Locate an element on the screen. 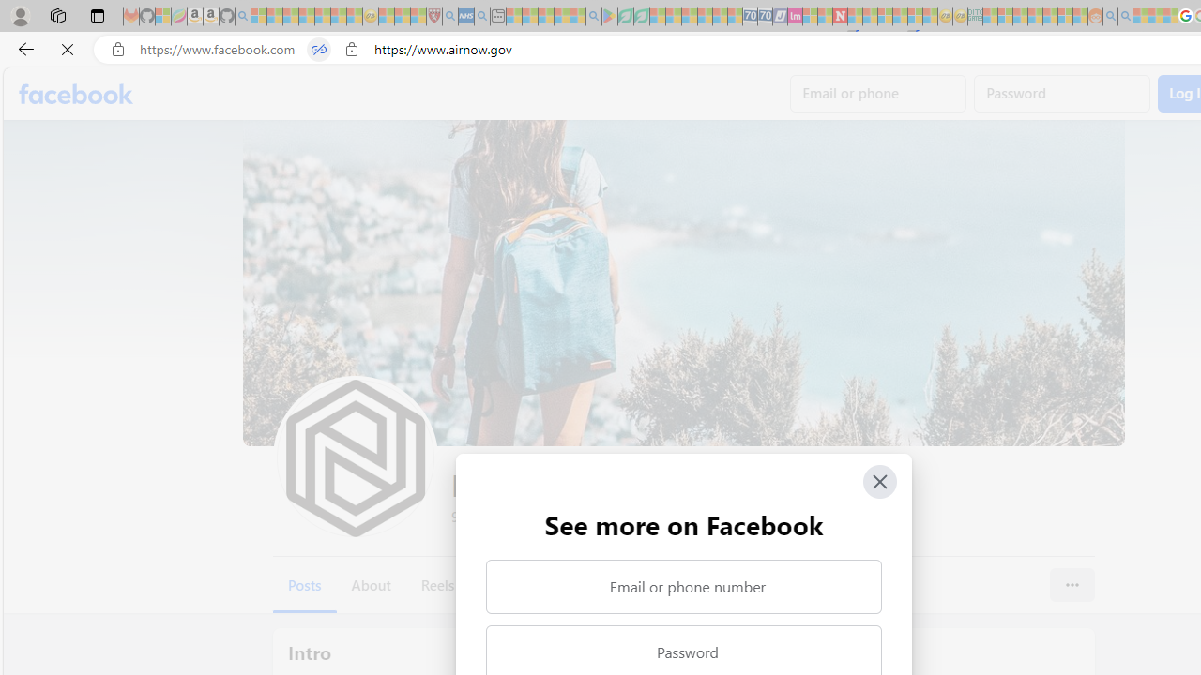 Image resolution: width=1201 pixels, height=675 pixels. 'Latest Politics News & Archive | Newsweek.com - Sleeping' is located at coordinates (839, 16).